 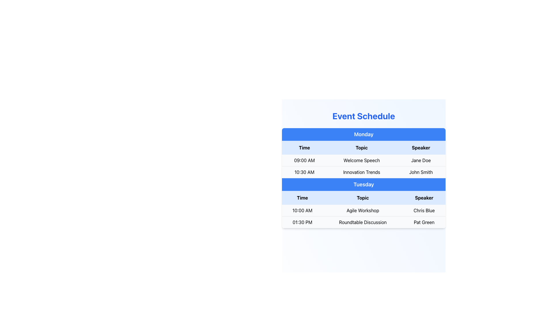 What do you see at coordinates (363, 134) in the screenshot?
I see `the header element for the Monday schedule section` at bounding box center [363, 134].